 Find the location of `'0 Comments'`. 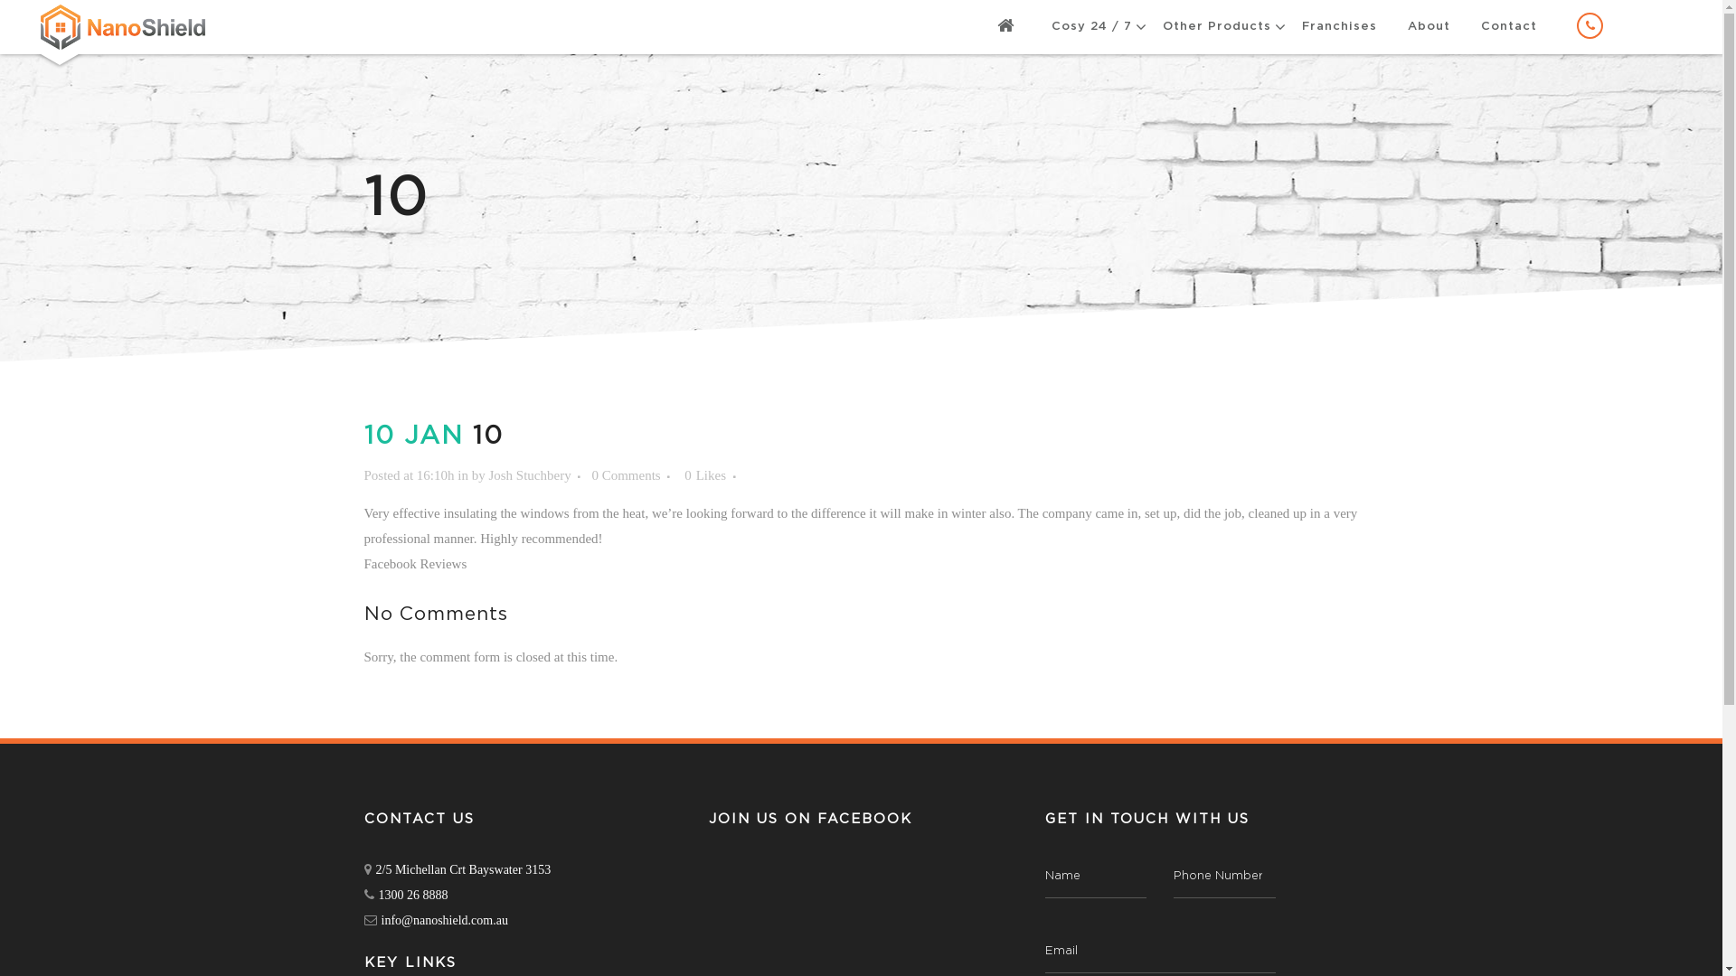

'0 Comments' is located at coordinates (625, 474).